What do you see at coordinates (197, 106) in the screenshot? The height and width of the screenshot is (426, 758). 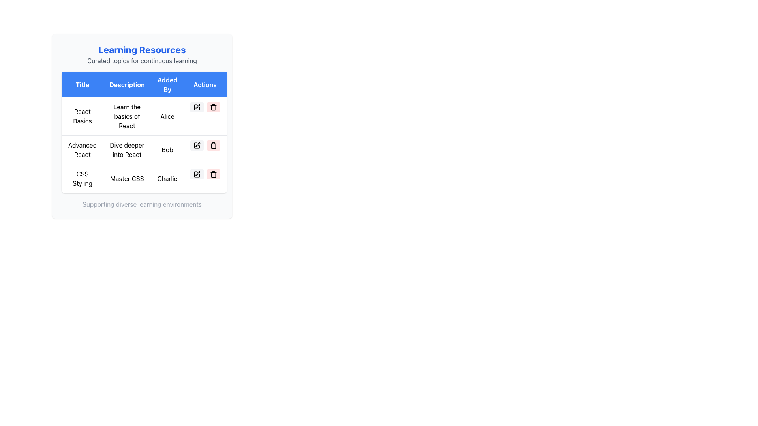 I see `the minimalist pen icon located in the 'Actions' column of the first row ('React Basics') in the table layout to initiate editing` at bounding box center [197, 106].